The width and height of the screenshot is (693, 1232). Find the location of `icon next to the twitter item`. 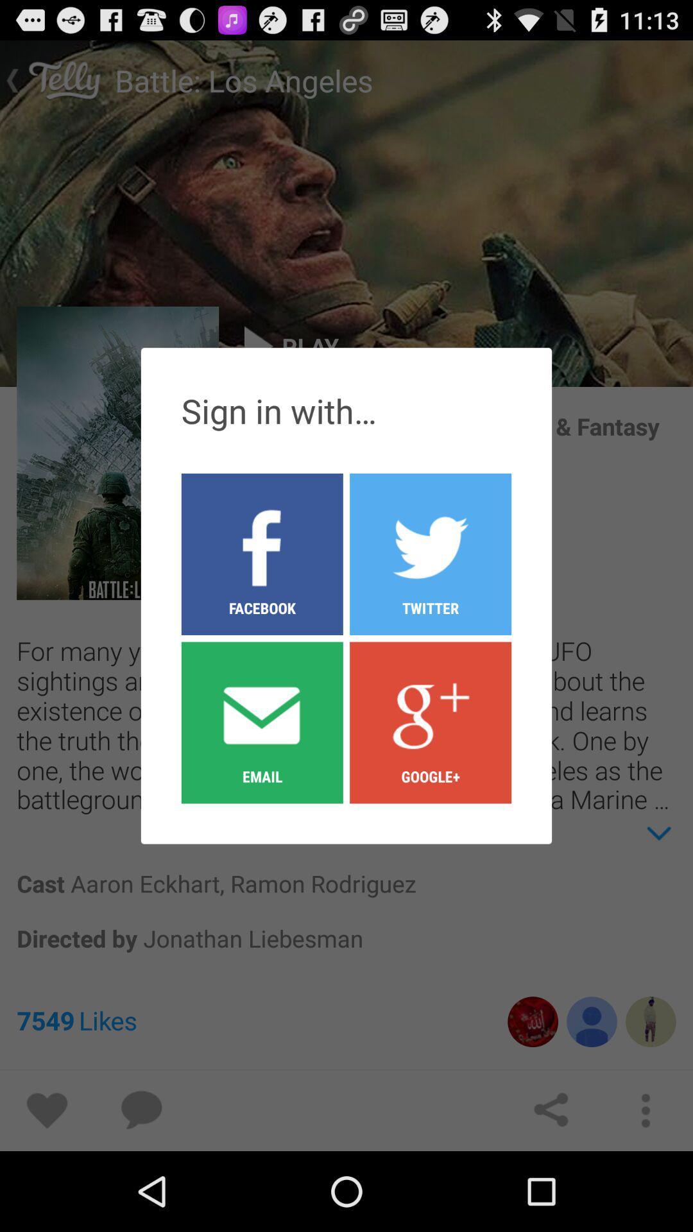

icon next to the twitter item is located at coordinates (261, 722).